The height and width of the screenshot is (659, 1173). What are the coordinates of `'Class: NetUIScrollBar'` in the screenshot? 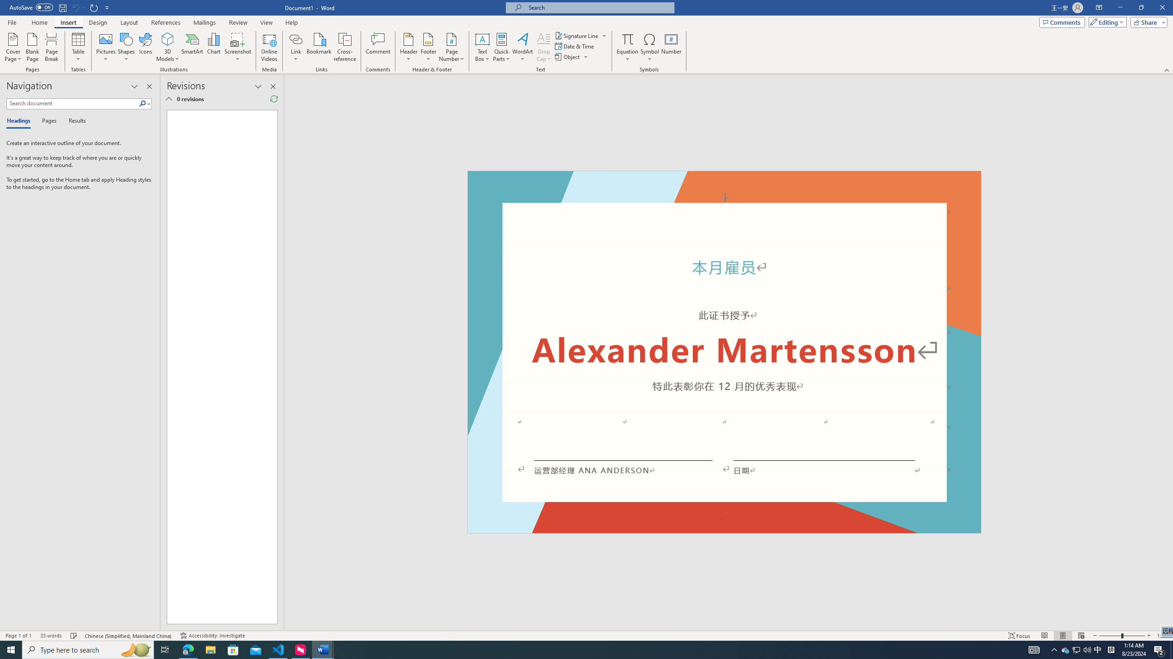 It's located at (1169, 352).